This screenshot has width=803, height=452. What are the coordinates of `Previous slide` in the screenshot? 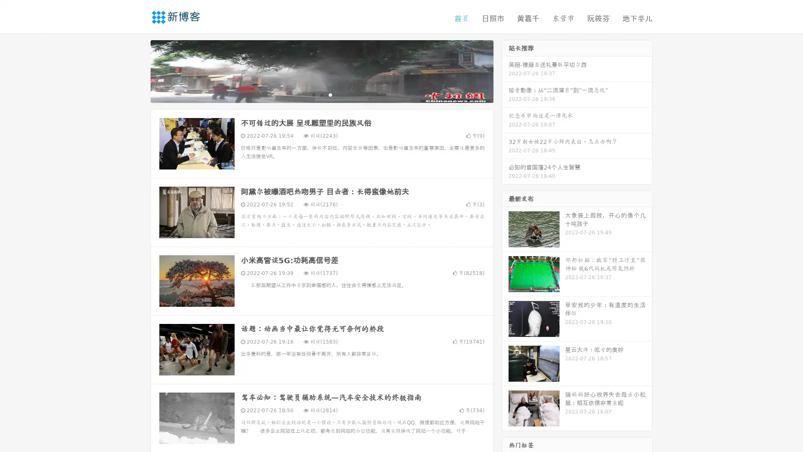 It's located at (138, 70).